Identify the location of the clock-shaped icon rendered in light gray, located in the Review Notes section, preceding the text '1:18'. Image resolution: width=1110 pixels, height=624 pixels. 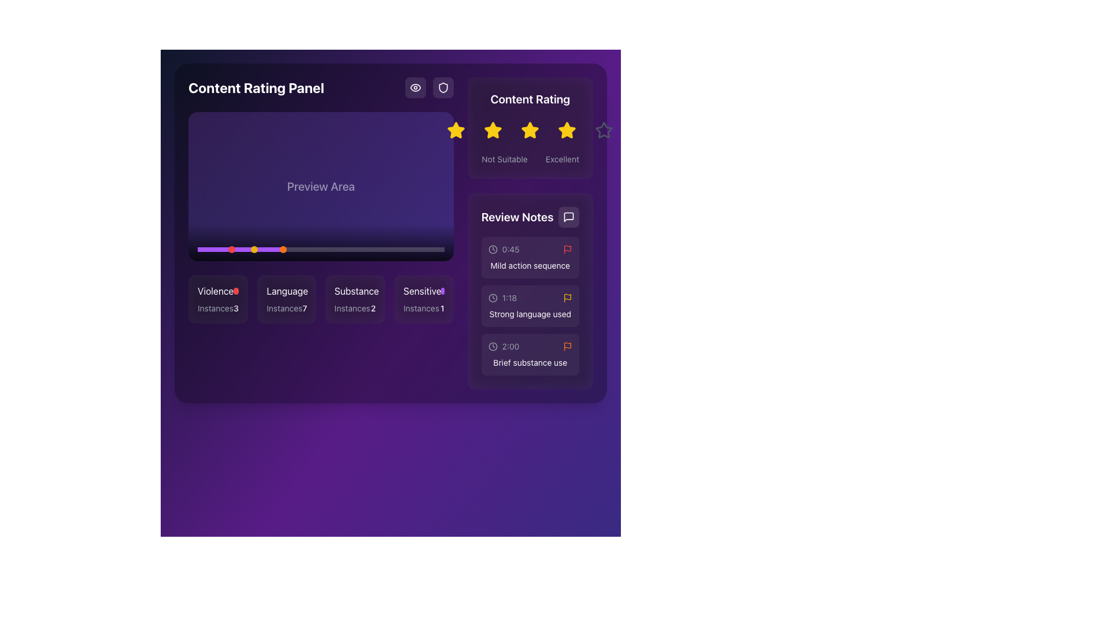
(493, 298).